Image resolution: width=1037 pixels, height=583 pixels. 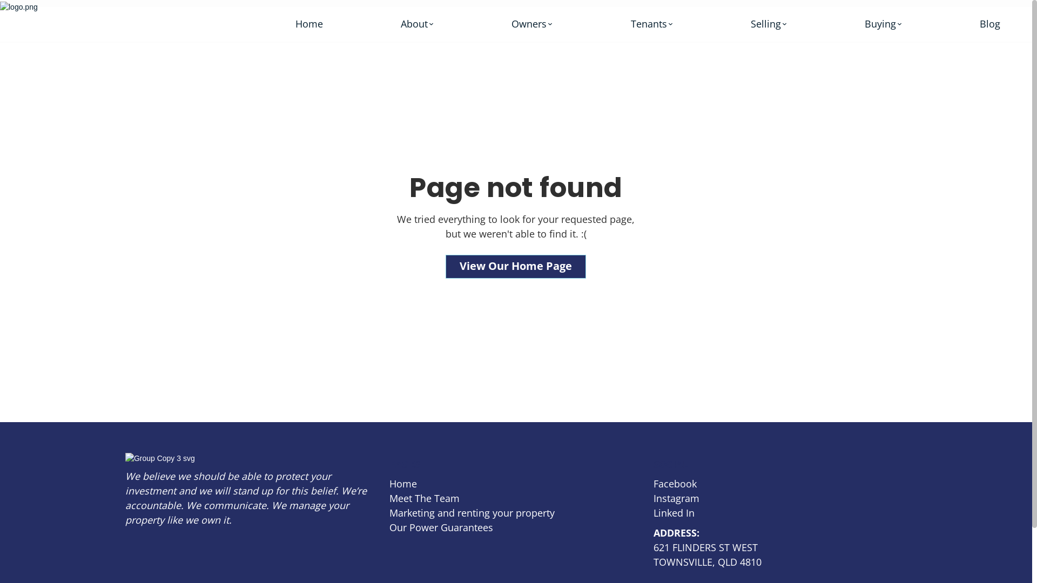 What do you see at coordinates (531, 23) in the screenshot?
I see `'Owners'` at bounding box center [531, 23].